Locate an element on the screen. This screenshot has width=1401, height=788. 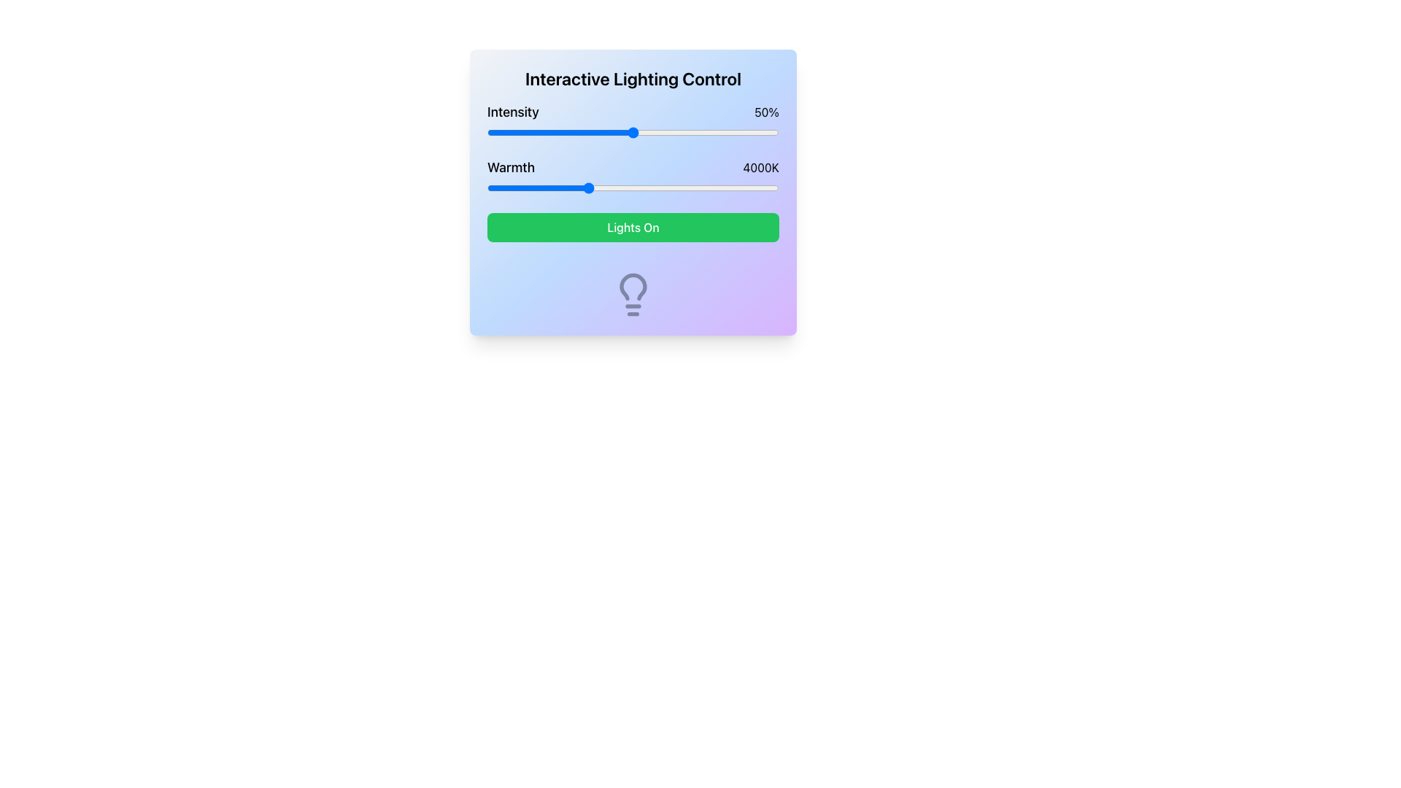
warmth is located at coordinates (508, 188).